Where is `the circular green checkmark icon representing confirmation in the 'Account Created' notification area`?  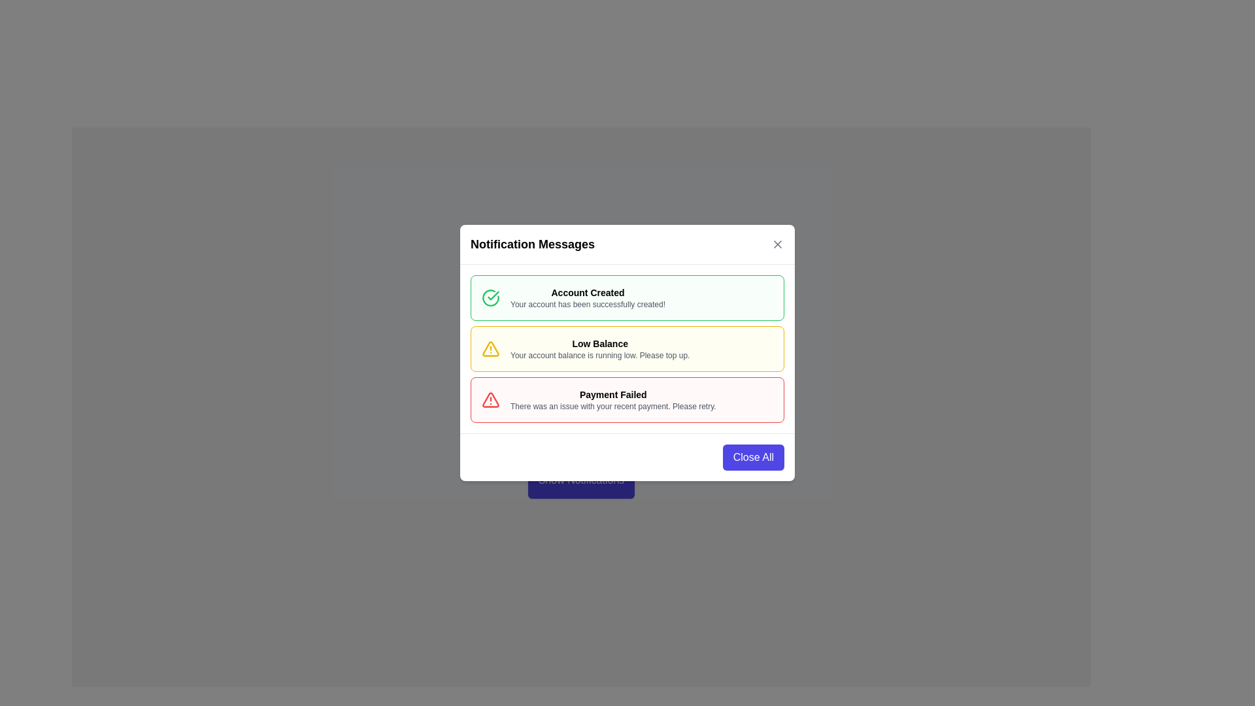
the circular green checkmark icon representing confirmation in the 'Account Created' notification area is located at coordinates (490, 297).